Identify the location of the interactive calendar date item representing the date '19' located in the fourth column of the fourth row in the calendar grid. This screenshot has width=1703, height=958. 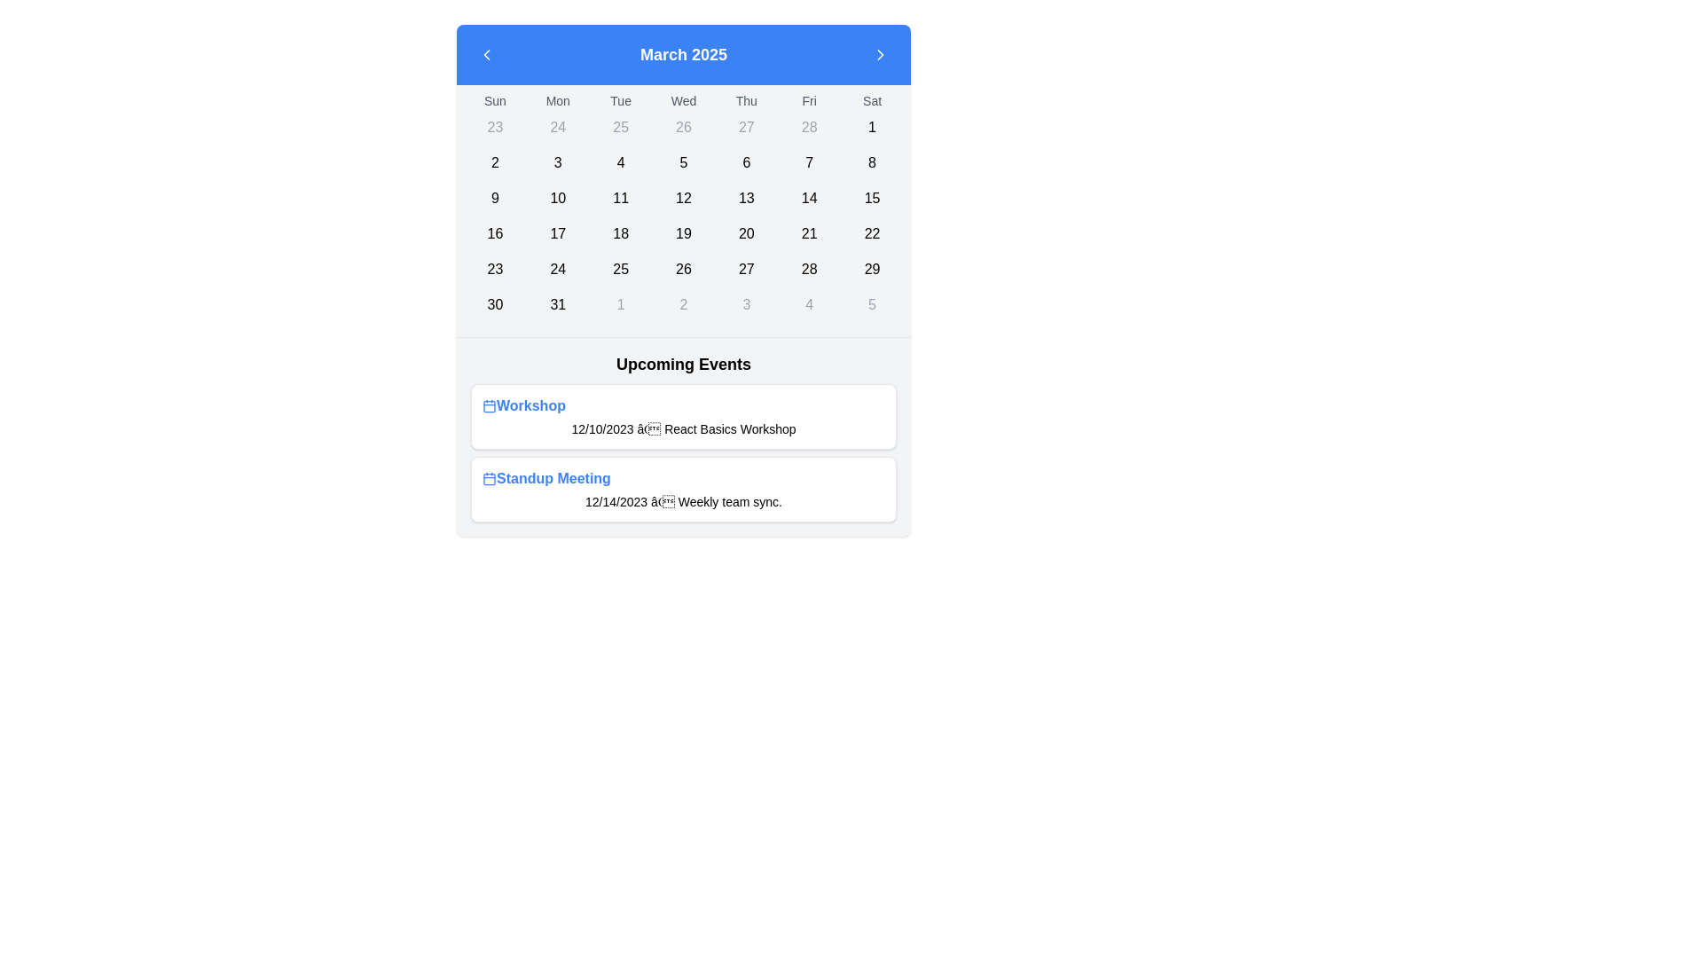
(683, 232).